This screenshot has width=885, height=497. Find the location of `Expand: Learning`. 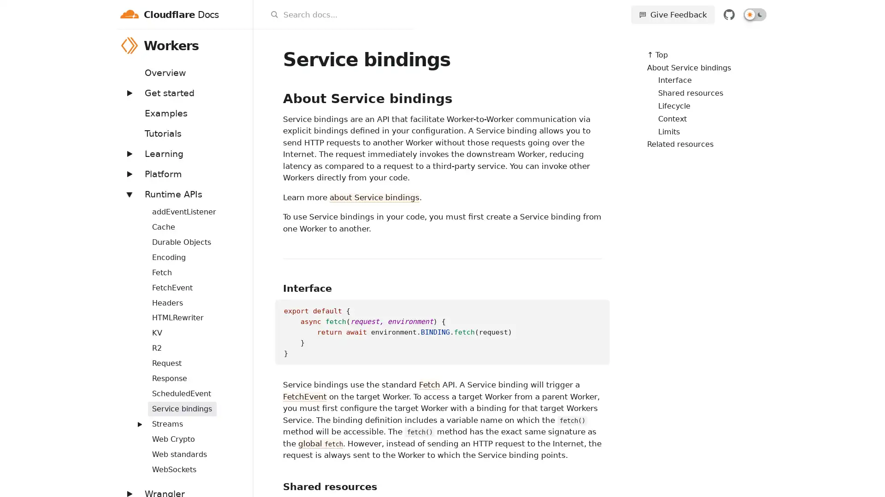

Expand: Learning is located at coordinates (128, 153).